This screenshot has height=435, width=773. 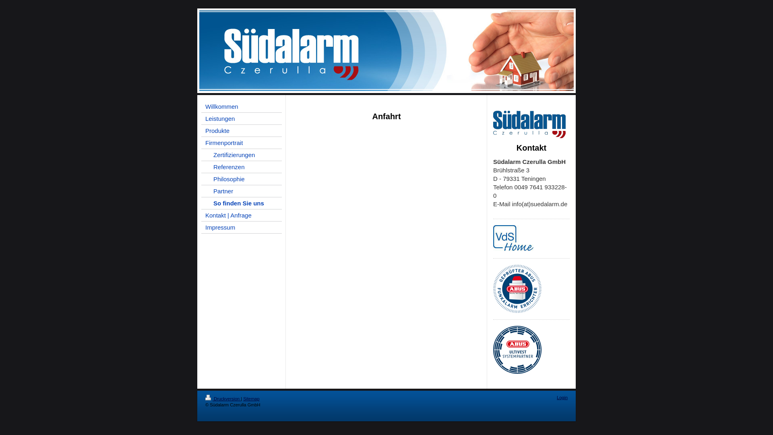 What do you see at coordinates (241, 106) in the screenshot?
I see `'Willkommen'` at bounding box center [241, 106].